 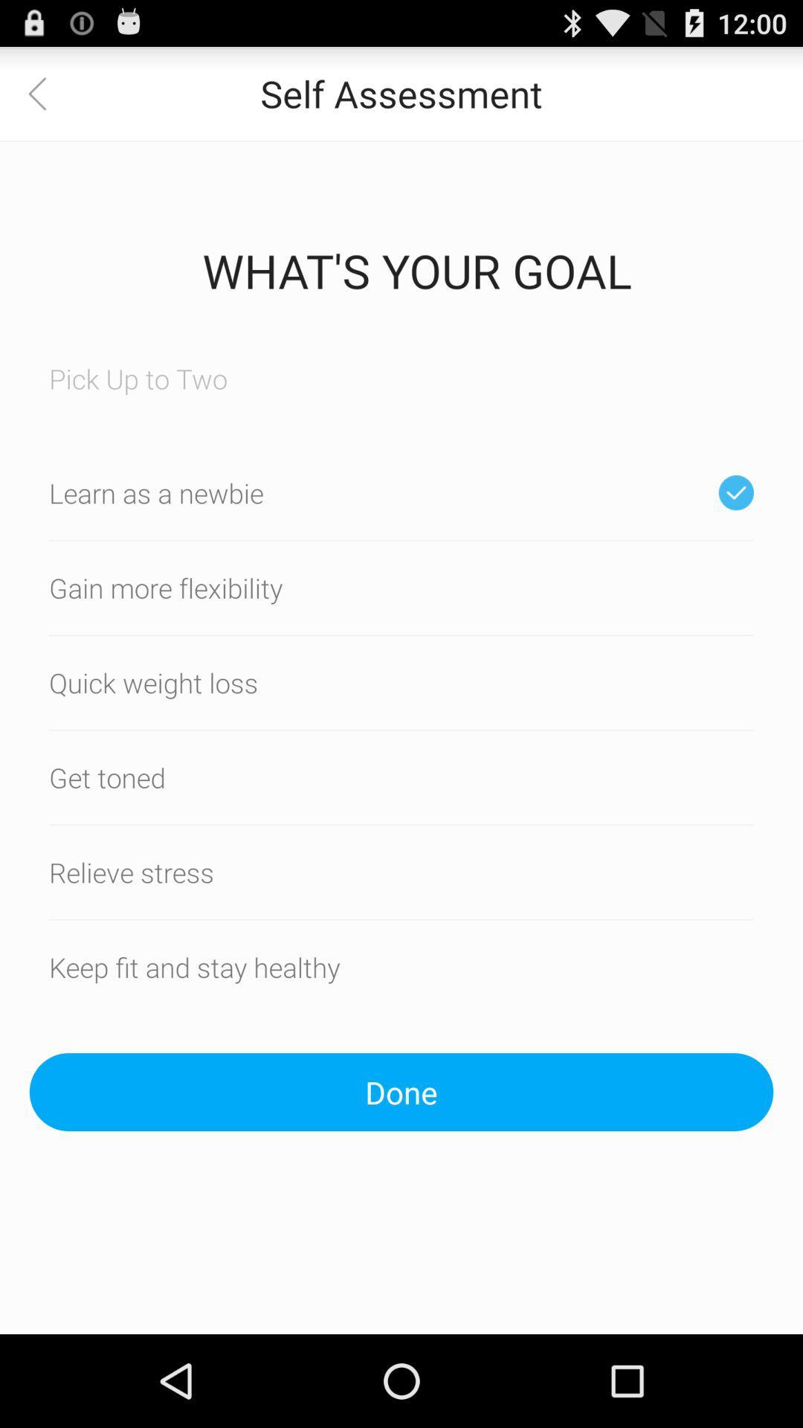 What do you see at coordinates (401, 1092) in the screenshot?
I see `icon below the keep fit and` at bounding box center [401, 1092].